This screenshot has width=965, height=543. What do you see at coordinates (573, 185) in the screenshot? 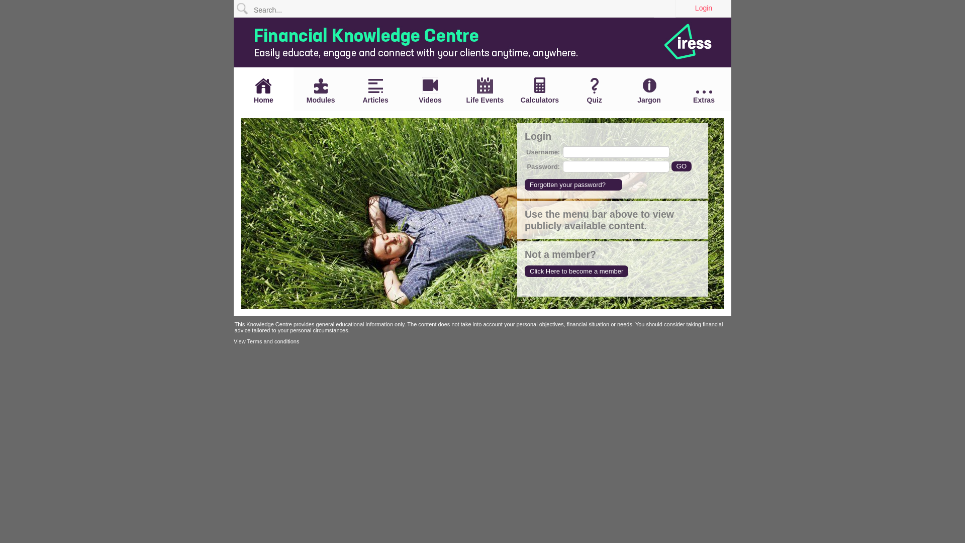
I see `'Forgotten your password?'` at bounding box center [573, 185].